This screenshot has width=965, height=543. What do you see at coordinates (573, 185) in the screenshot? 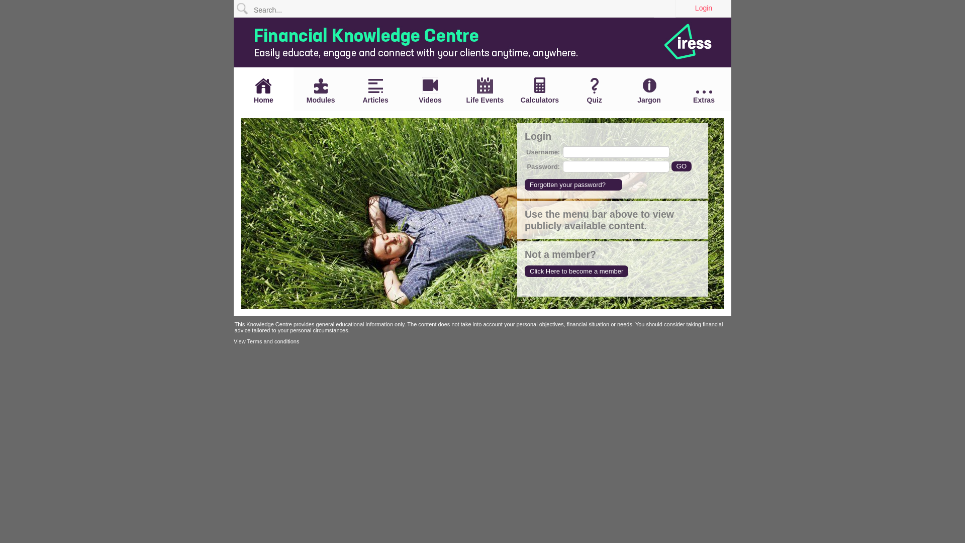
I see `'Forgotten your password?'` at bounding box center [573, 185].